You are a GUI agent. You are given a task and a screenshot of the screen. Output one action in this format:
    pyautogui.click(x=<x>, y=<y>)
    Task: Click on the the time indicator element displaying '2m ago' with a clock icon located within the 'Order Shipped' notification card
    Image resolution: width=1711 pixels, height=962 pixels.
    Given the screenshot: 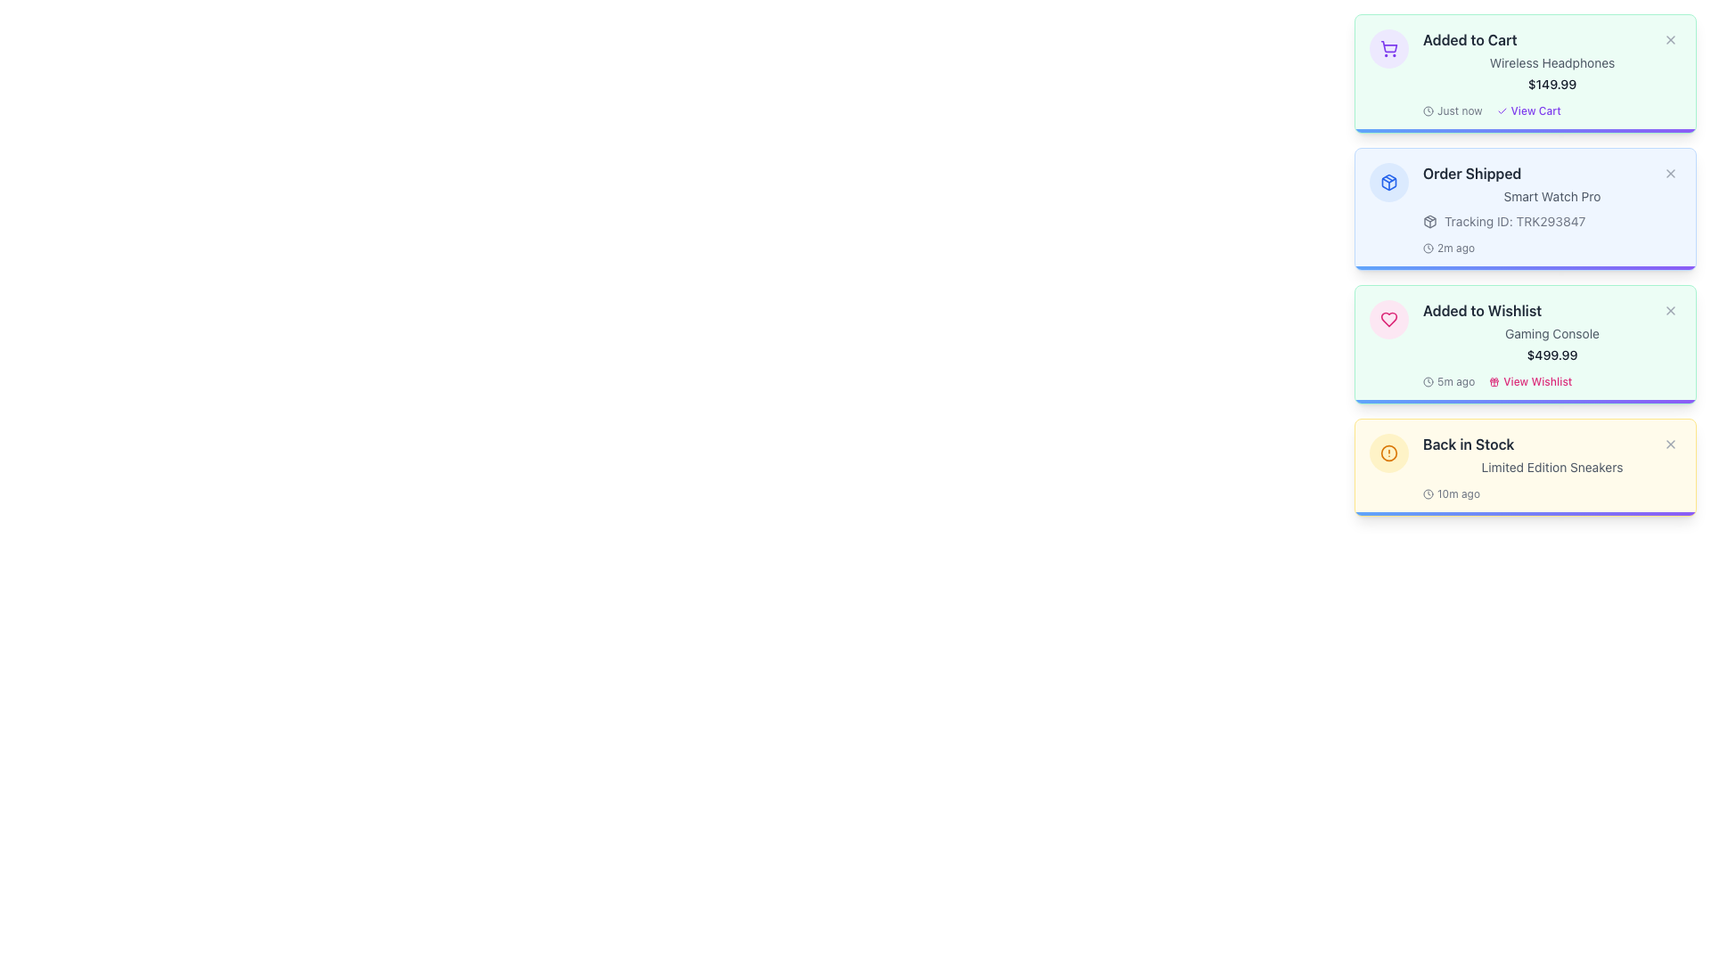 What is the action you would take?
    pyautogui.click(x=1449, y=248)
    